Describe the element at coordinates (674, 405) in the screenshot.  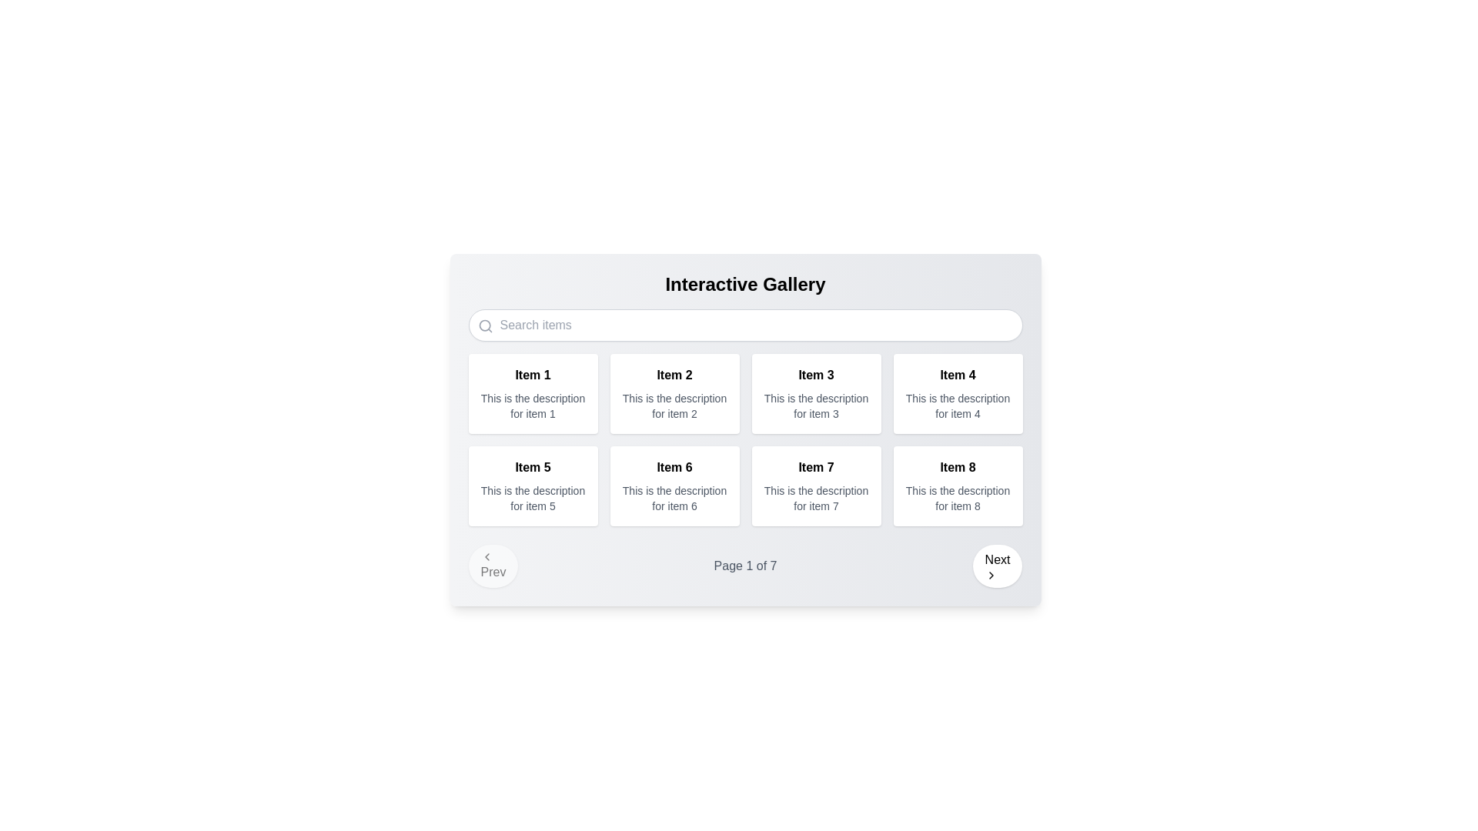
I see `the descriptive text element located beneath the title 'Item 2' in the grid layout` at that location.